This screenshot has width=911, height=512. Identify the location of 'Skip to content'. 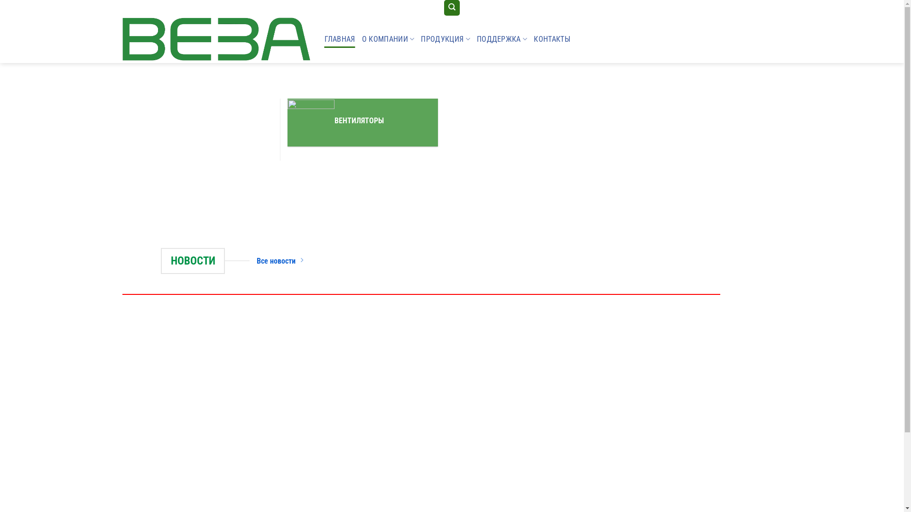
(0, 0).